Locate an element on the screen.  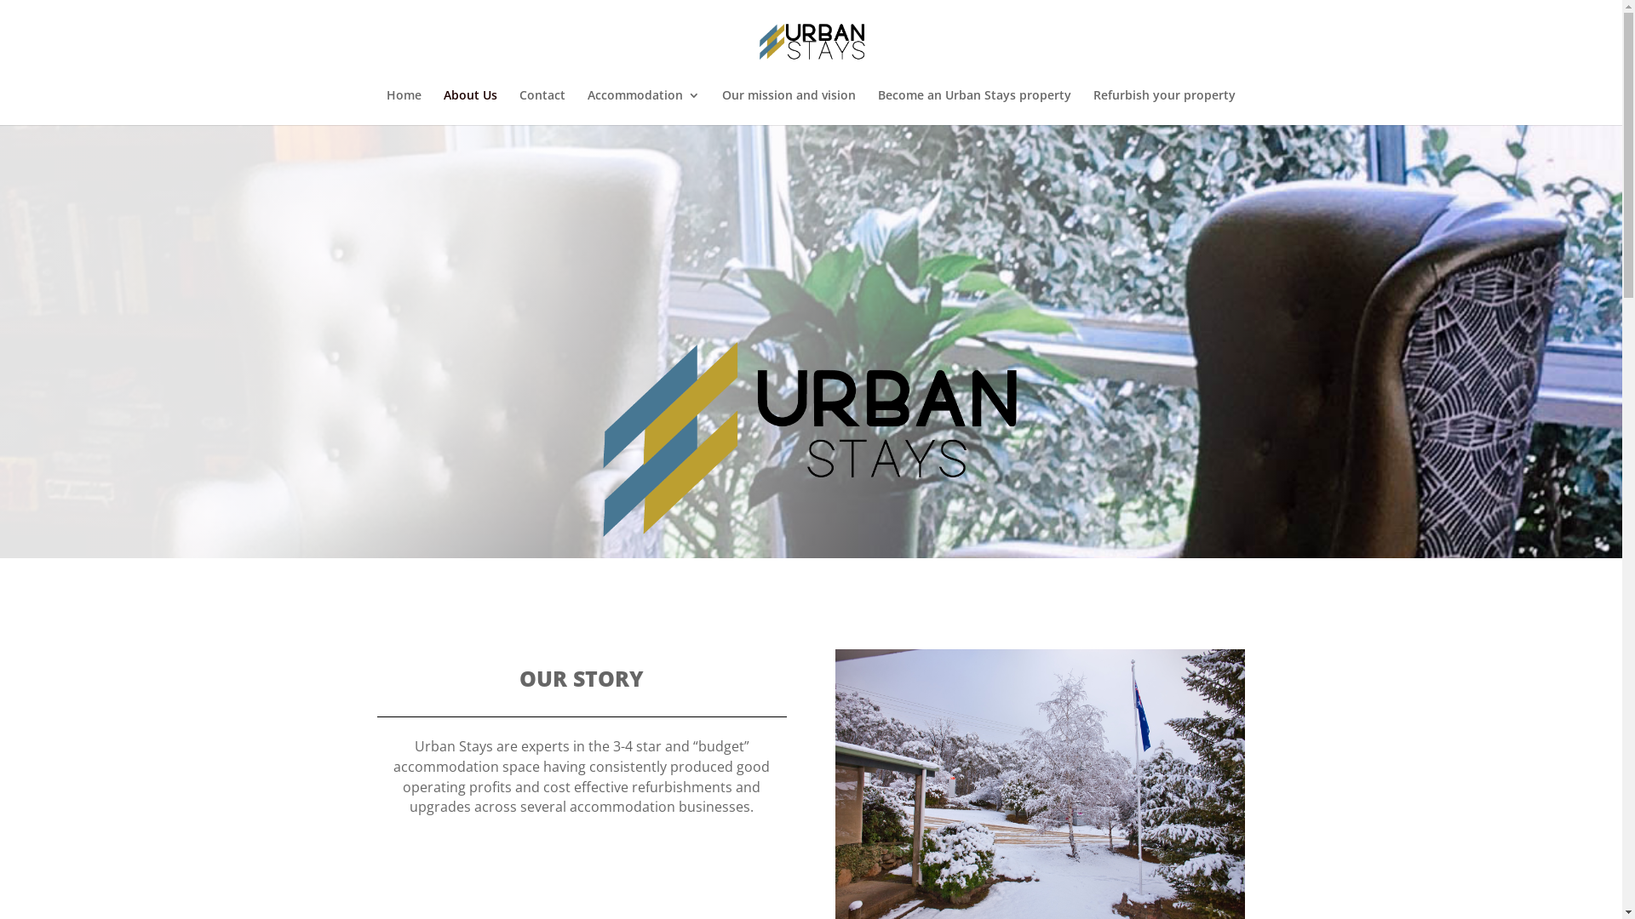
'Our mission and vision' is located at coordinates (788, 107).